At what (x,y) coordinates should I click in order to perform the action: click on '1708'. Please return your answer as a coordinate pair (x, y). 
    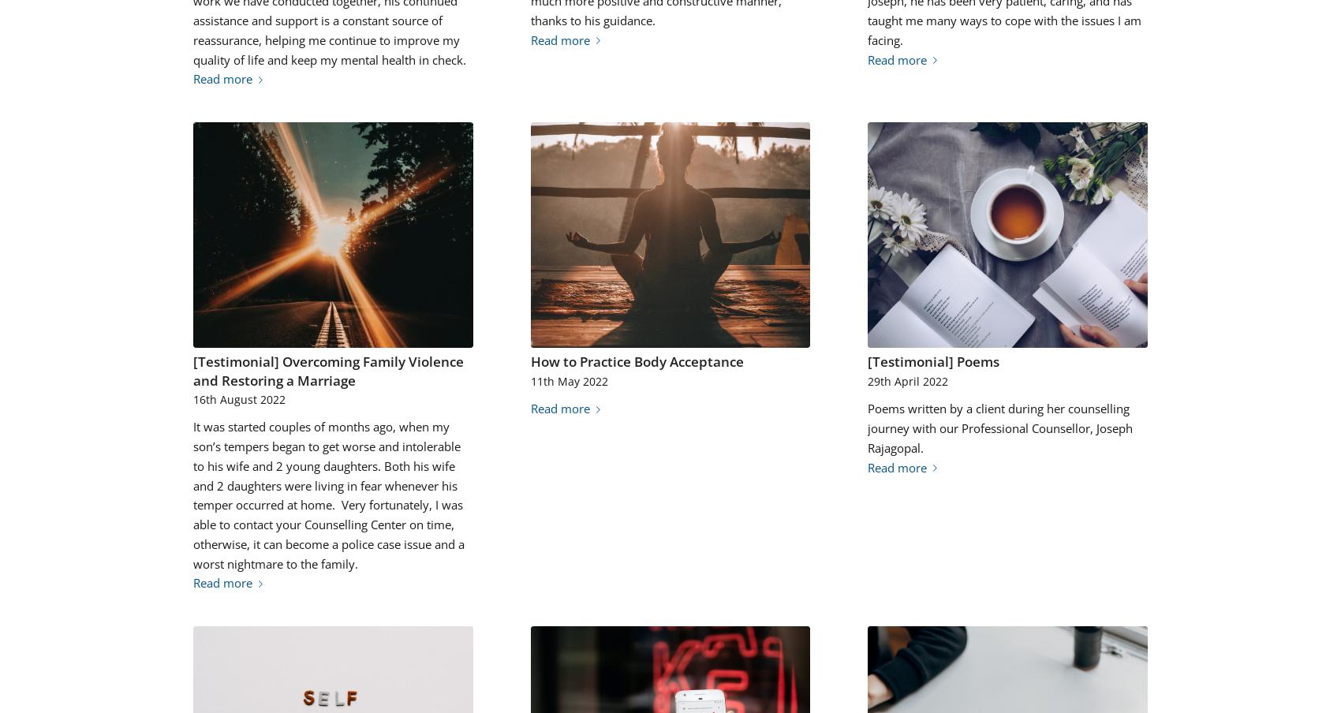
    Looking at the image, I should click on (238, 189).